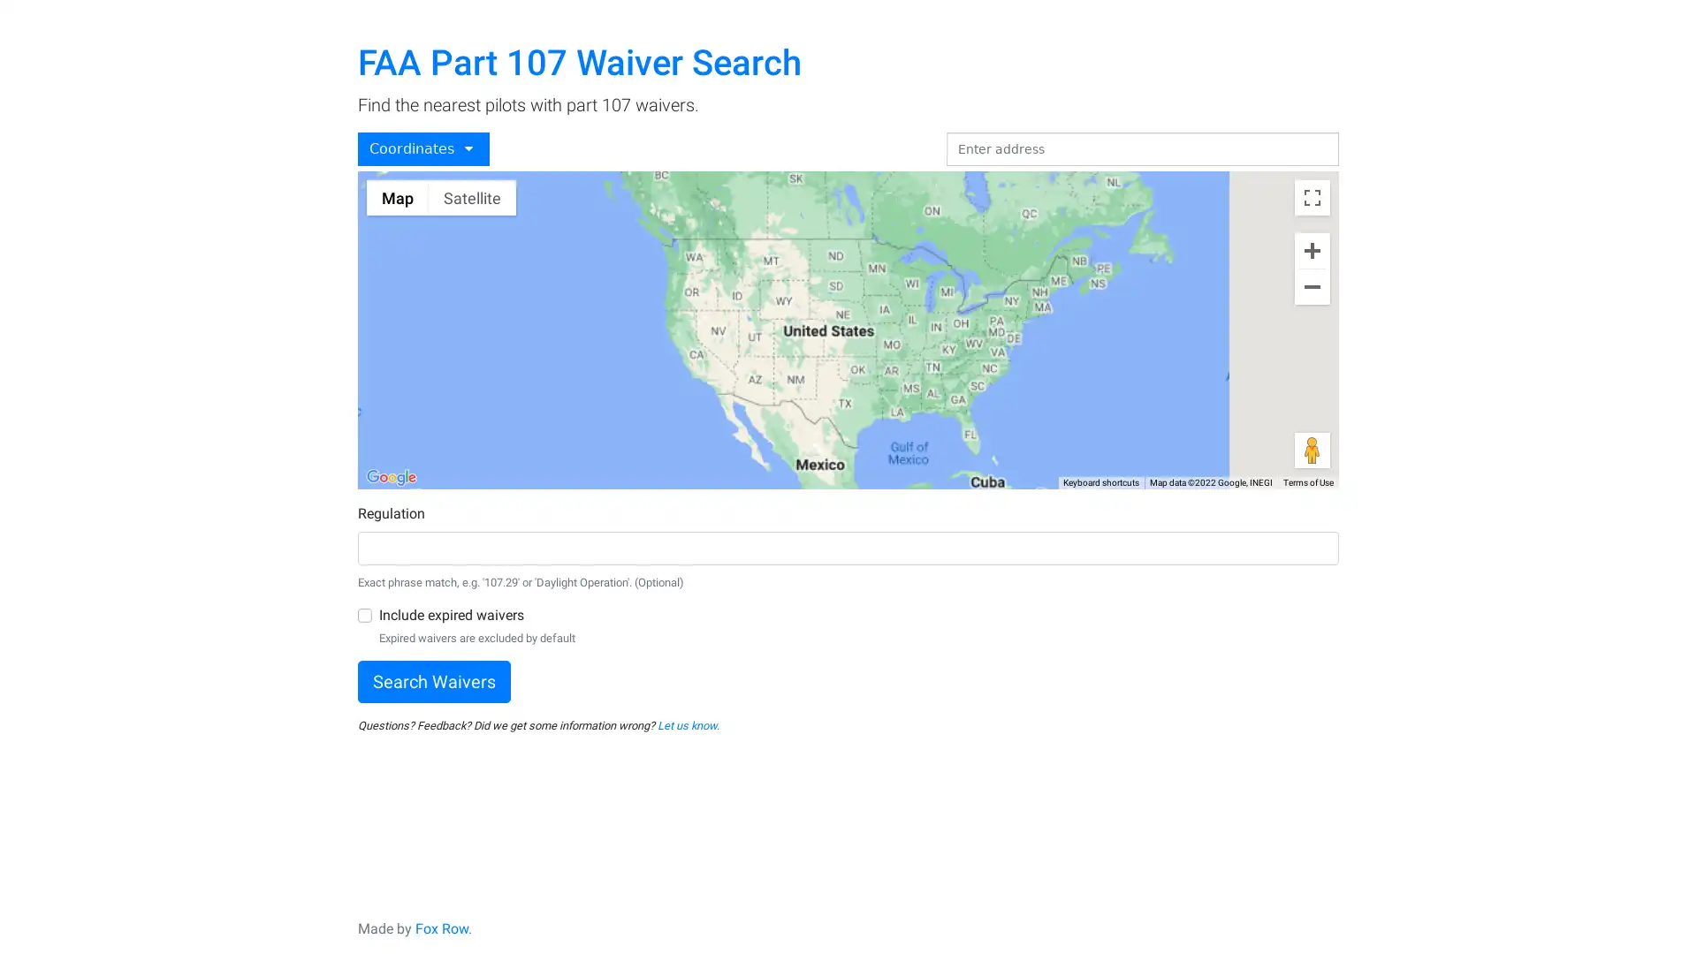  I want to click on Zoom out, so click(1312, 285).